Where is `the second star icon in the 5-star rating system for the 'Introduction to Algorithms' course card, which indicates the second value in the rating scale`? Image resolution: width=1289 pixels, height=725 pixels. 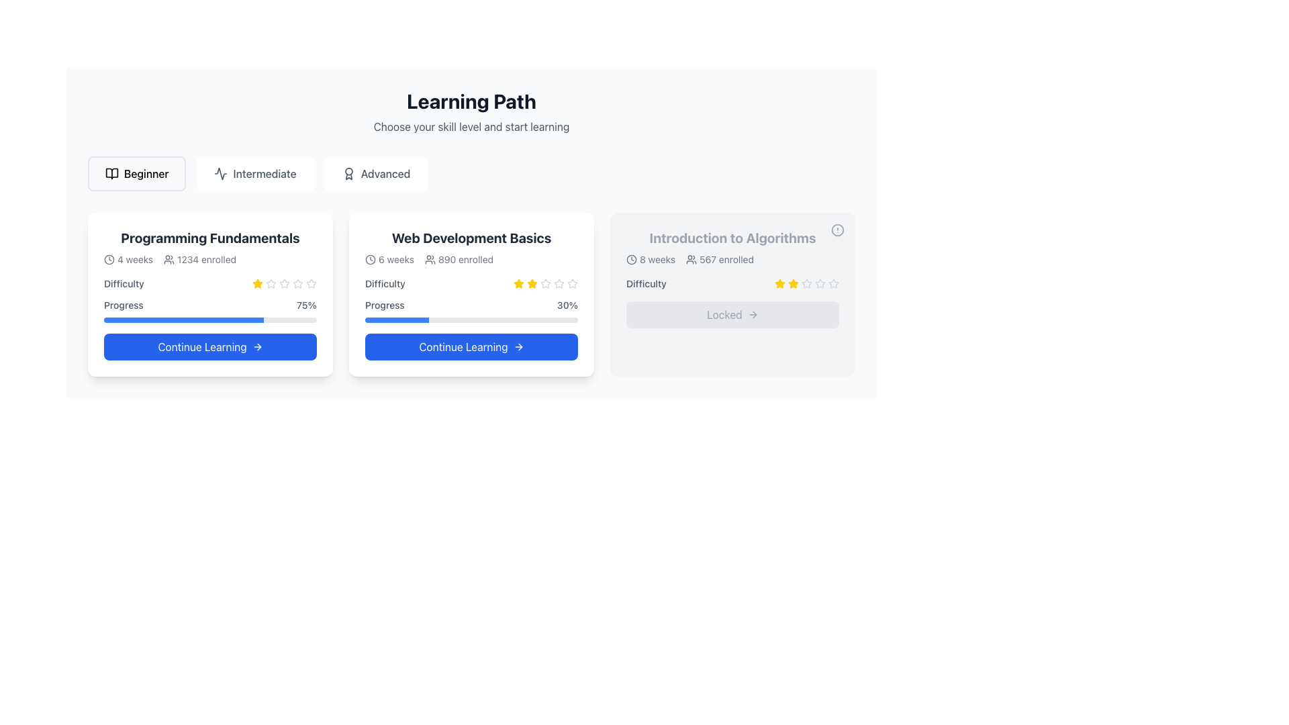
the second star icon in the 5-star rating system for the 'Introduction to Algorithms' course card, which indicates the second value in the rating scale is located at coordinates (820, 283).